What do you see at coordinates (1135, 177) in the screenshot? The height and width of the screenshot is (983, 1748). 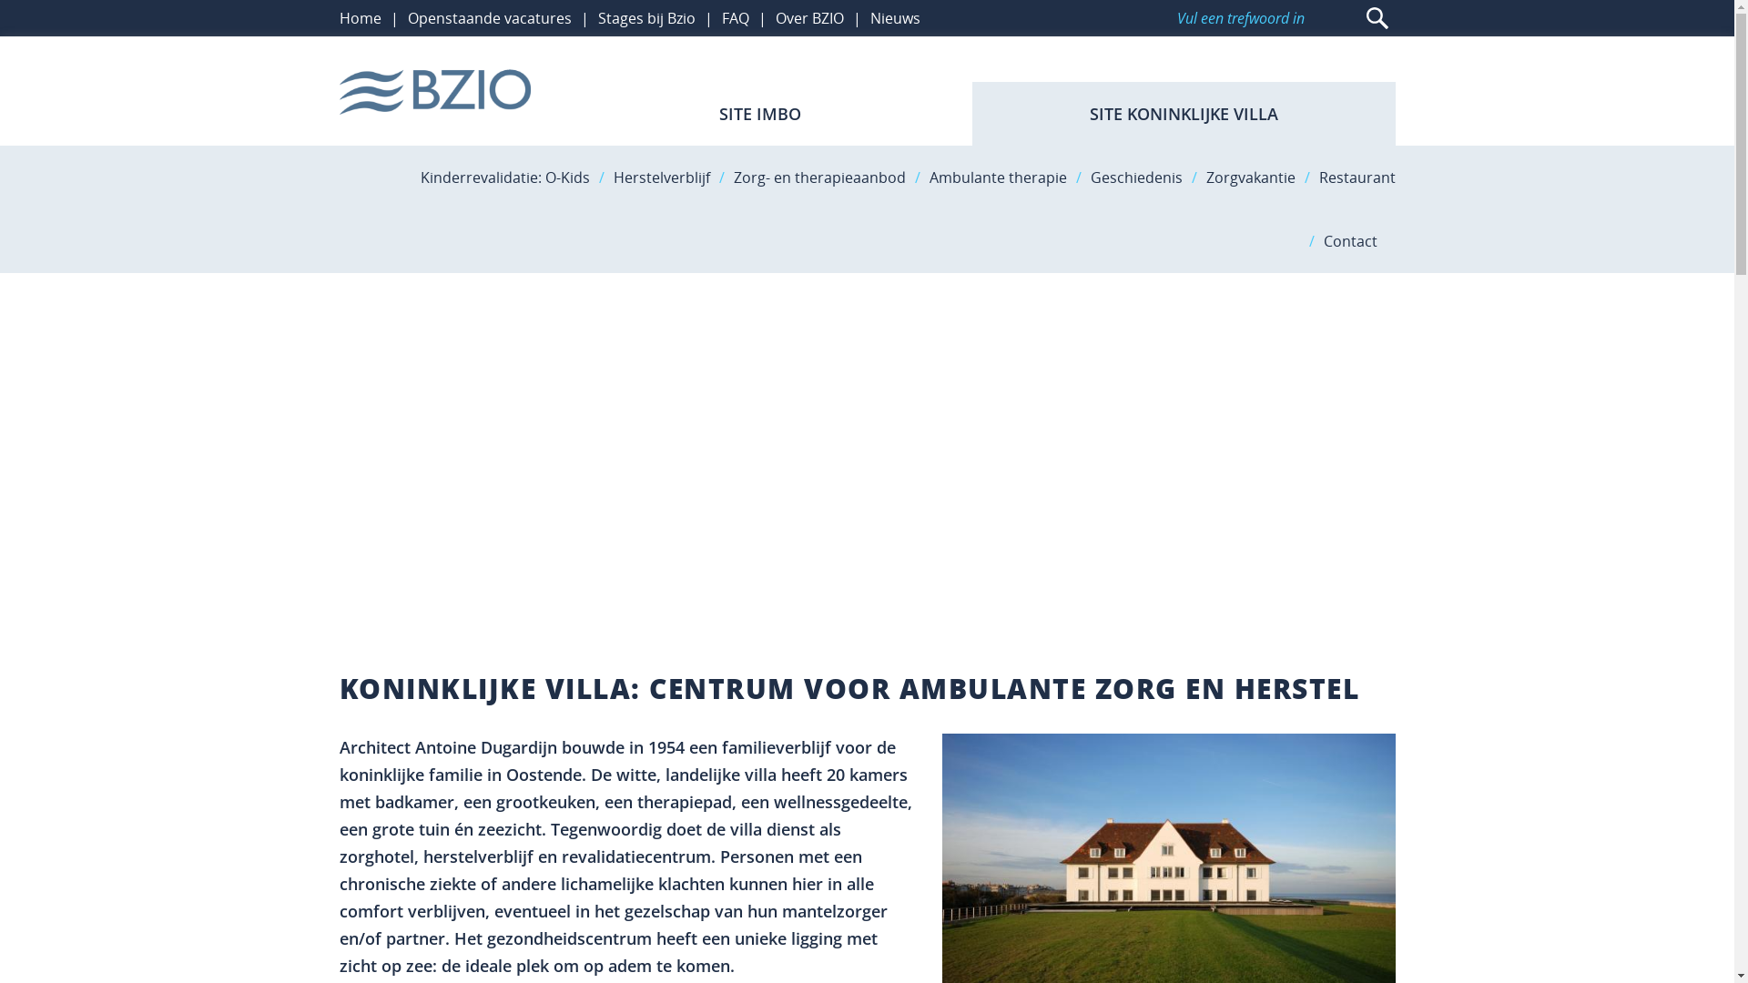 I see `'Geschiedenis'` at bounding box center [1135, 177].